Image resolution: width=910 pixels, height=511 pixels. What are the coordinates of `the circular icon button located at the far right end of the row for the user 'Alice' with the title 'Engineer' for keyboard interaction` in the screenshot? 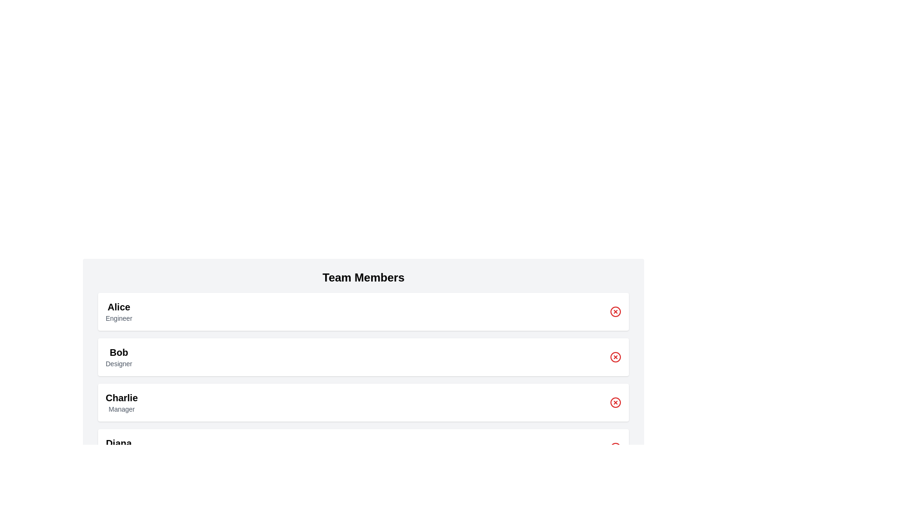 It's located at (616, 312).